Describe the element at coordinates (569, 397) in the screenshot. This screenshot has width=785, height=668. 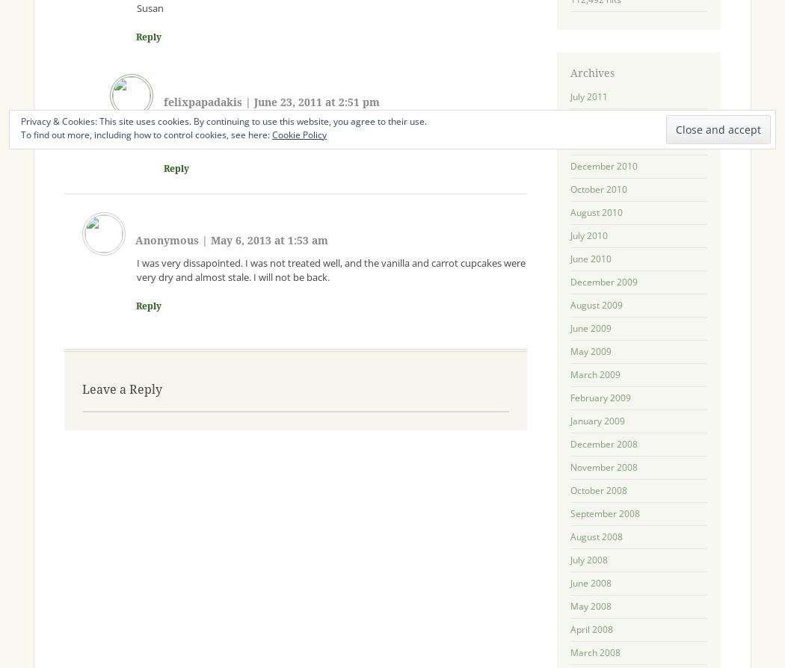
I see `'February 2009'` at that location.